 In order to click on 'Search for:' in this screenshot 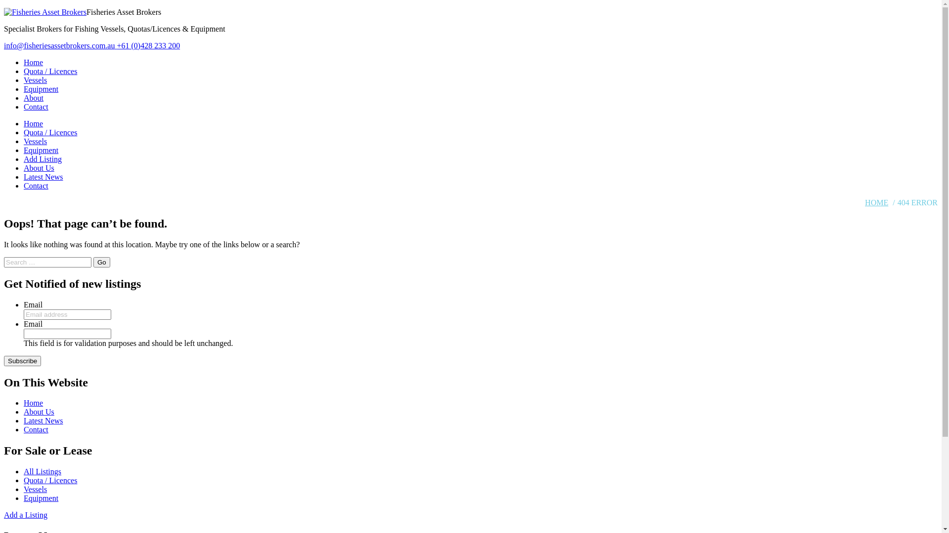, I will do `click(47, 262)`.